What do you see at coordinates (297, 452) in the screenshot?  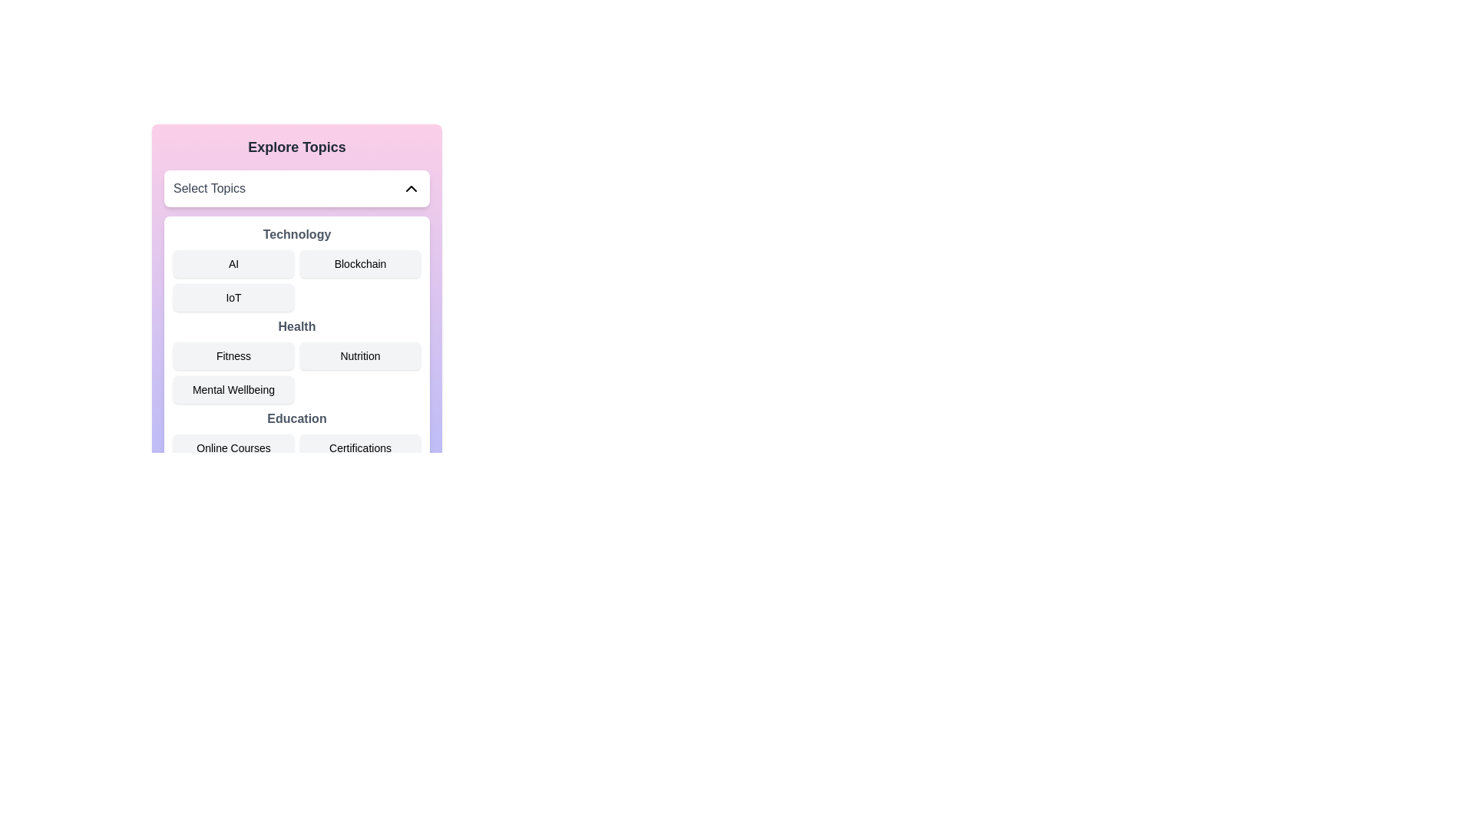 I see `the 'Education' section which contains three buttons labeled 'Online Courses', 'Certifications', and 'Workshops'` at bounding box center [297, 452].